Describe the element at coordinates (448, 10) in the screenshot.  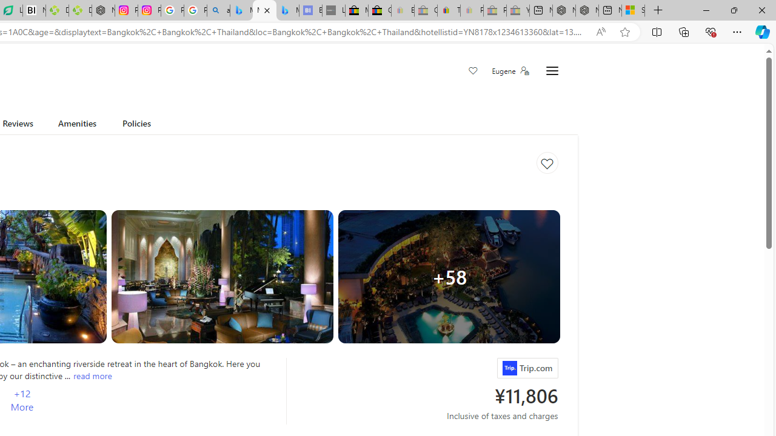
I see `'Threats and offensive language policy | eBay'` at that location.